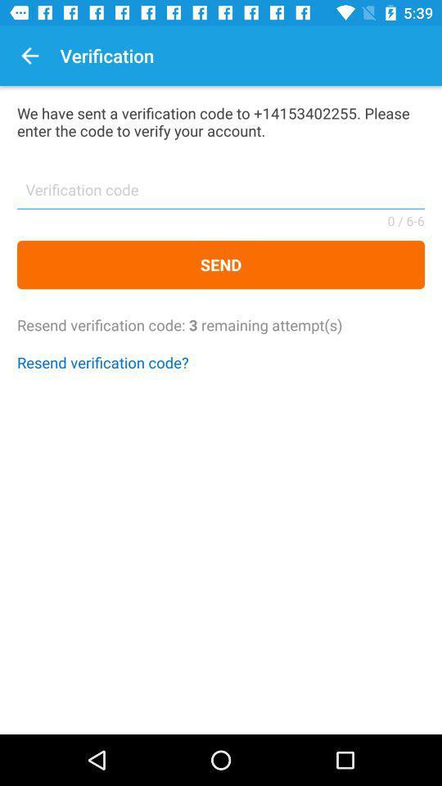 The width and height of the screenshot is (442, 786). What do you see at coordinates (221, 264) in the screenshot?
I see `the icon above resend verification code` at bounding box center [221, 264].